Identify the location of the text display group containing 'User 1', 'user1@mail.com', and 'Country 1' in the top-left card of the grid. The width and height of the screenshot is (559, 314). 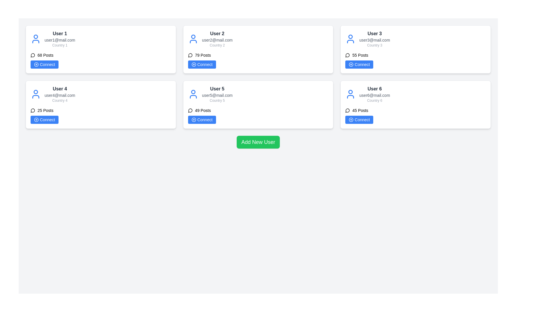
(60, 39).